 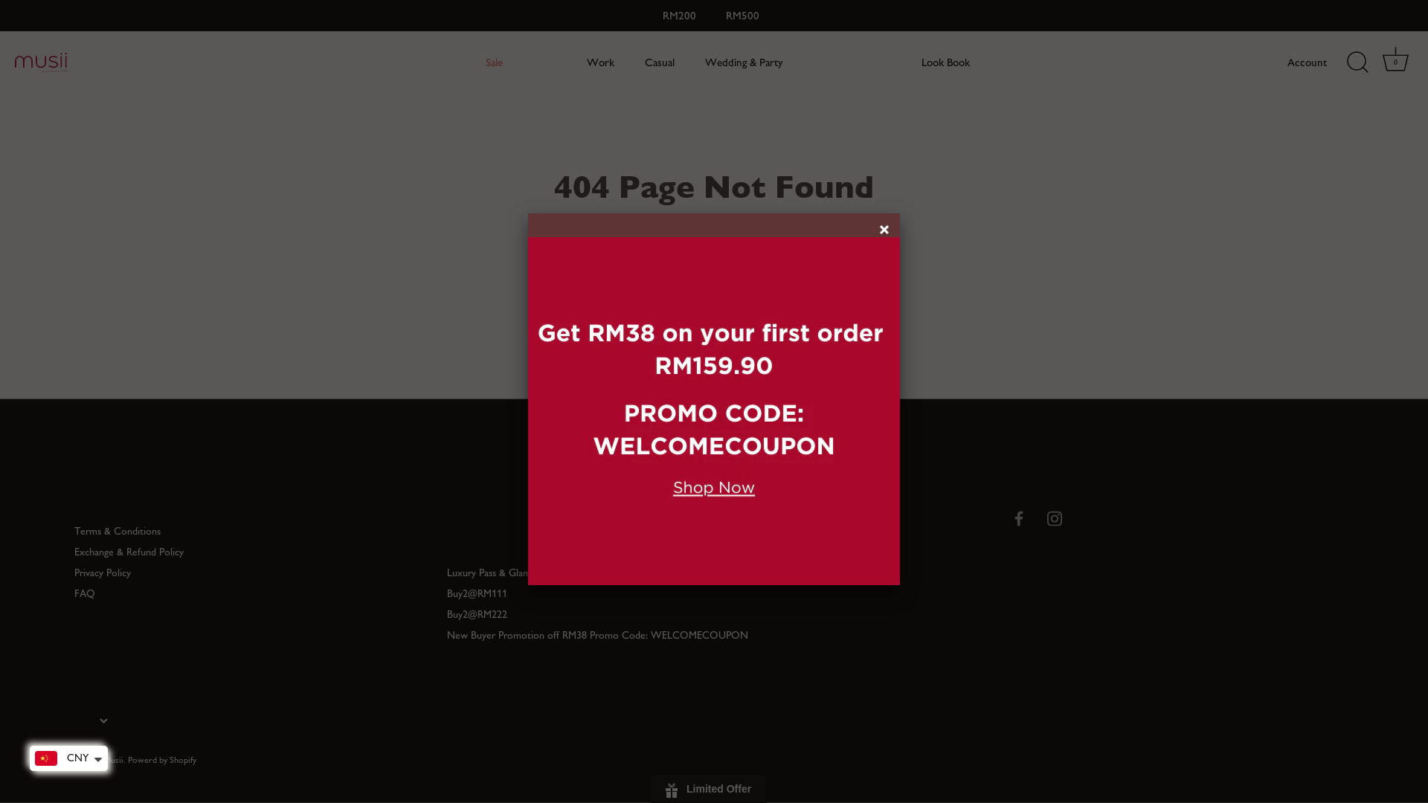 What do you see at coordinates (945, 62) in the screenshot?
I see `'Look Book'` at bounding box center [945, 62].